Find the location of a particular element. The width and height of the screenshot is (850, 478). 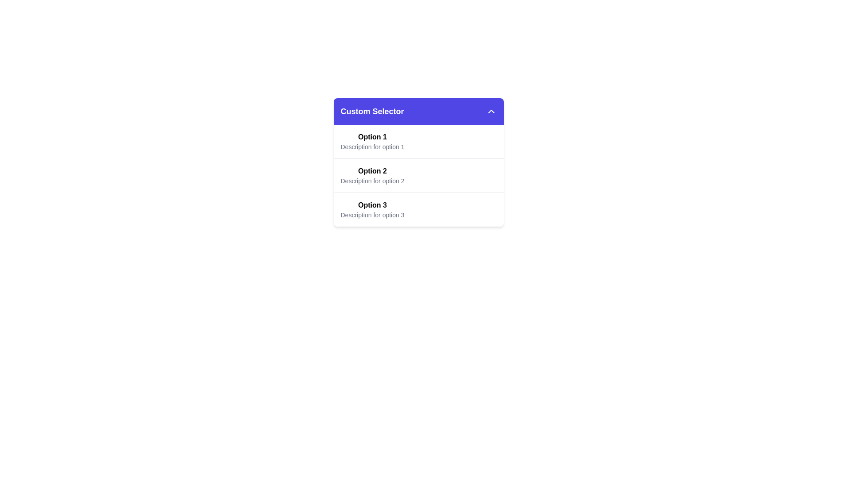

the text label displaying 'Option 3', which is bold and located above the description 'Description for option 3' in a dropdown-like menu under the 'Custom Selector' header is located at coordinates (372, 205).